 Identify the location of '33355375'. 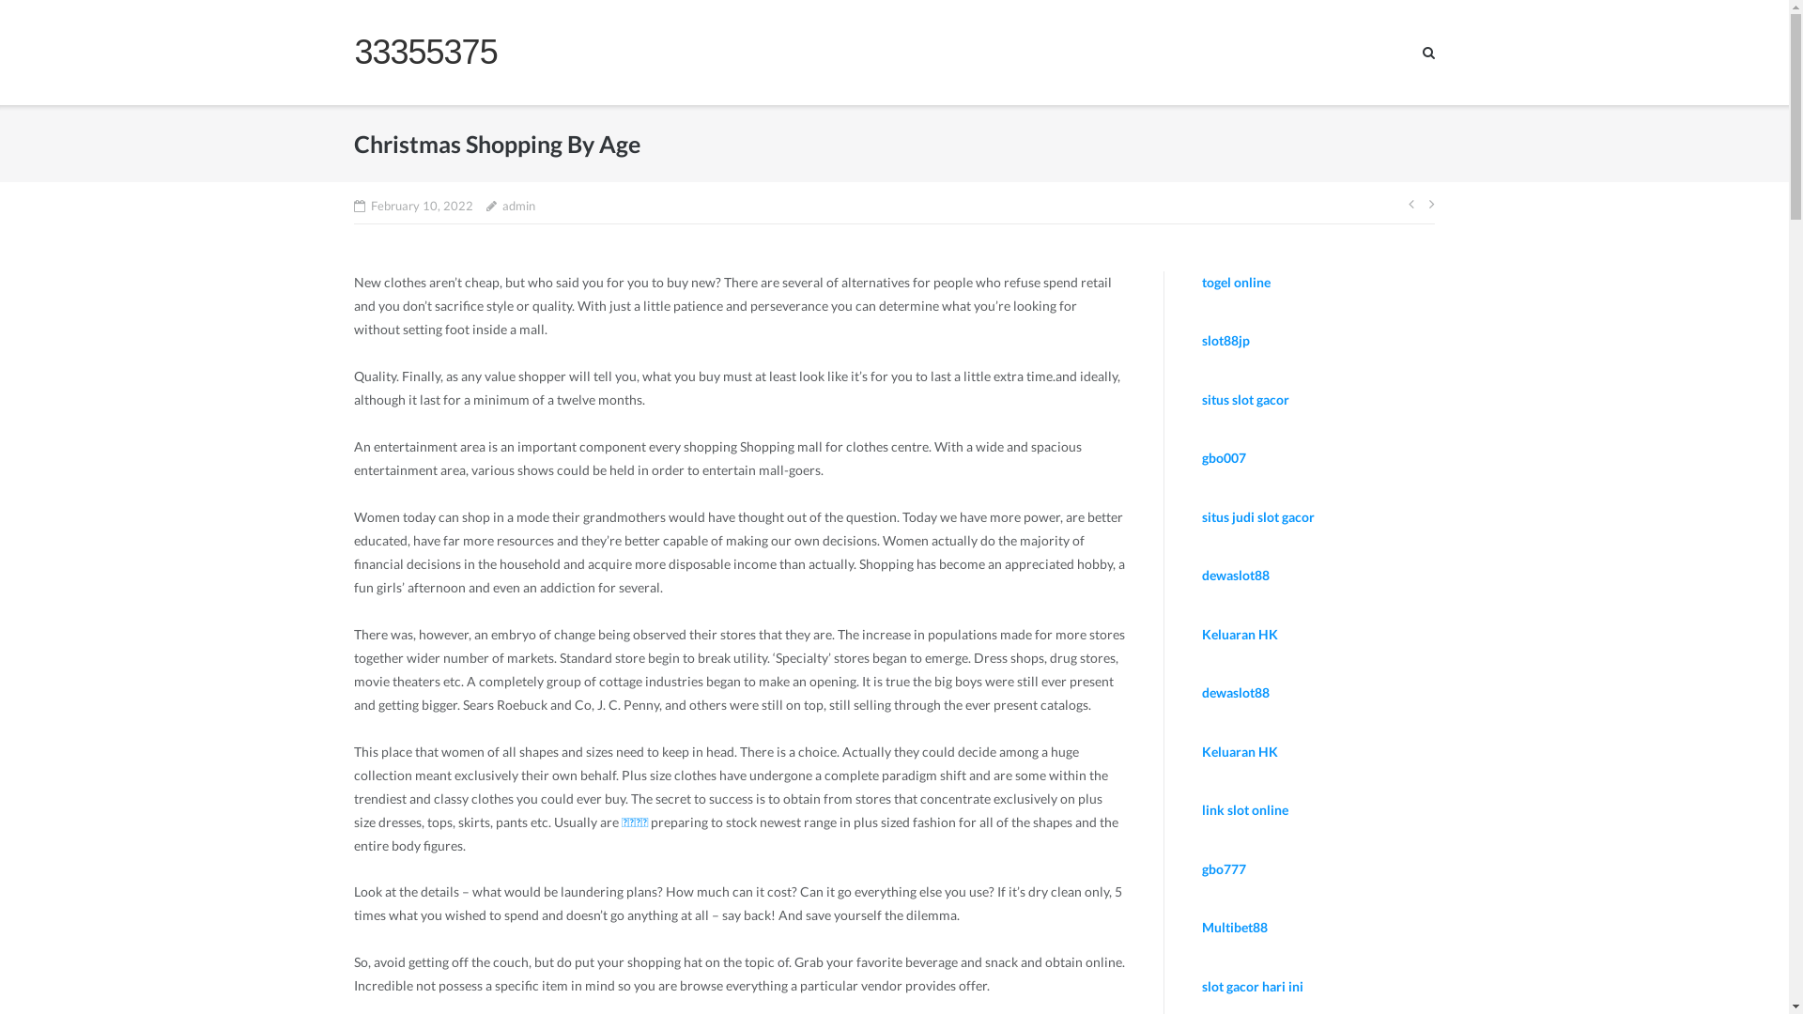
(424, 52).